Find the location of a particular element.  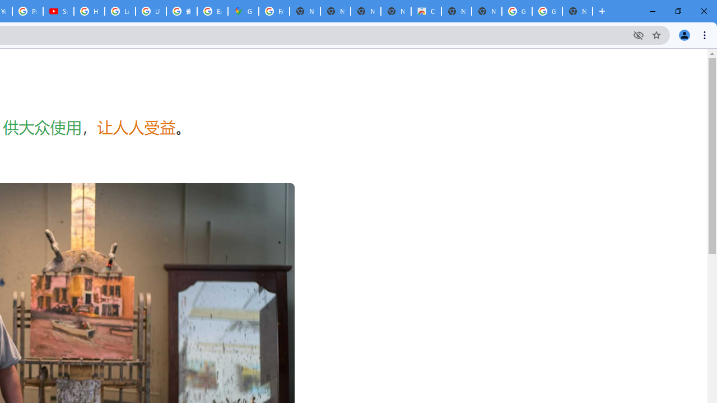

'How Chrome protects your passwords - Google Chrome Help' is located at coordinates (89, 11).